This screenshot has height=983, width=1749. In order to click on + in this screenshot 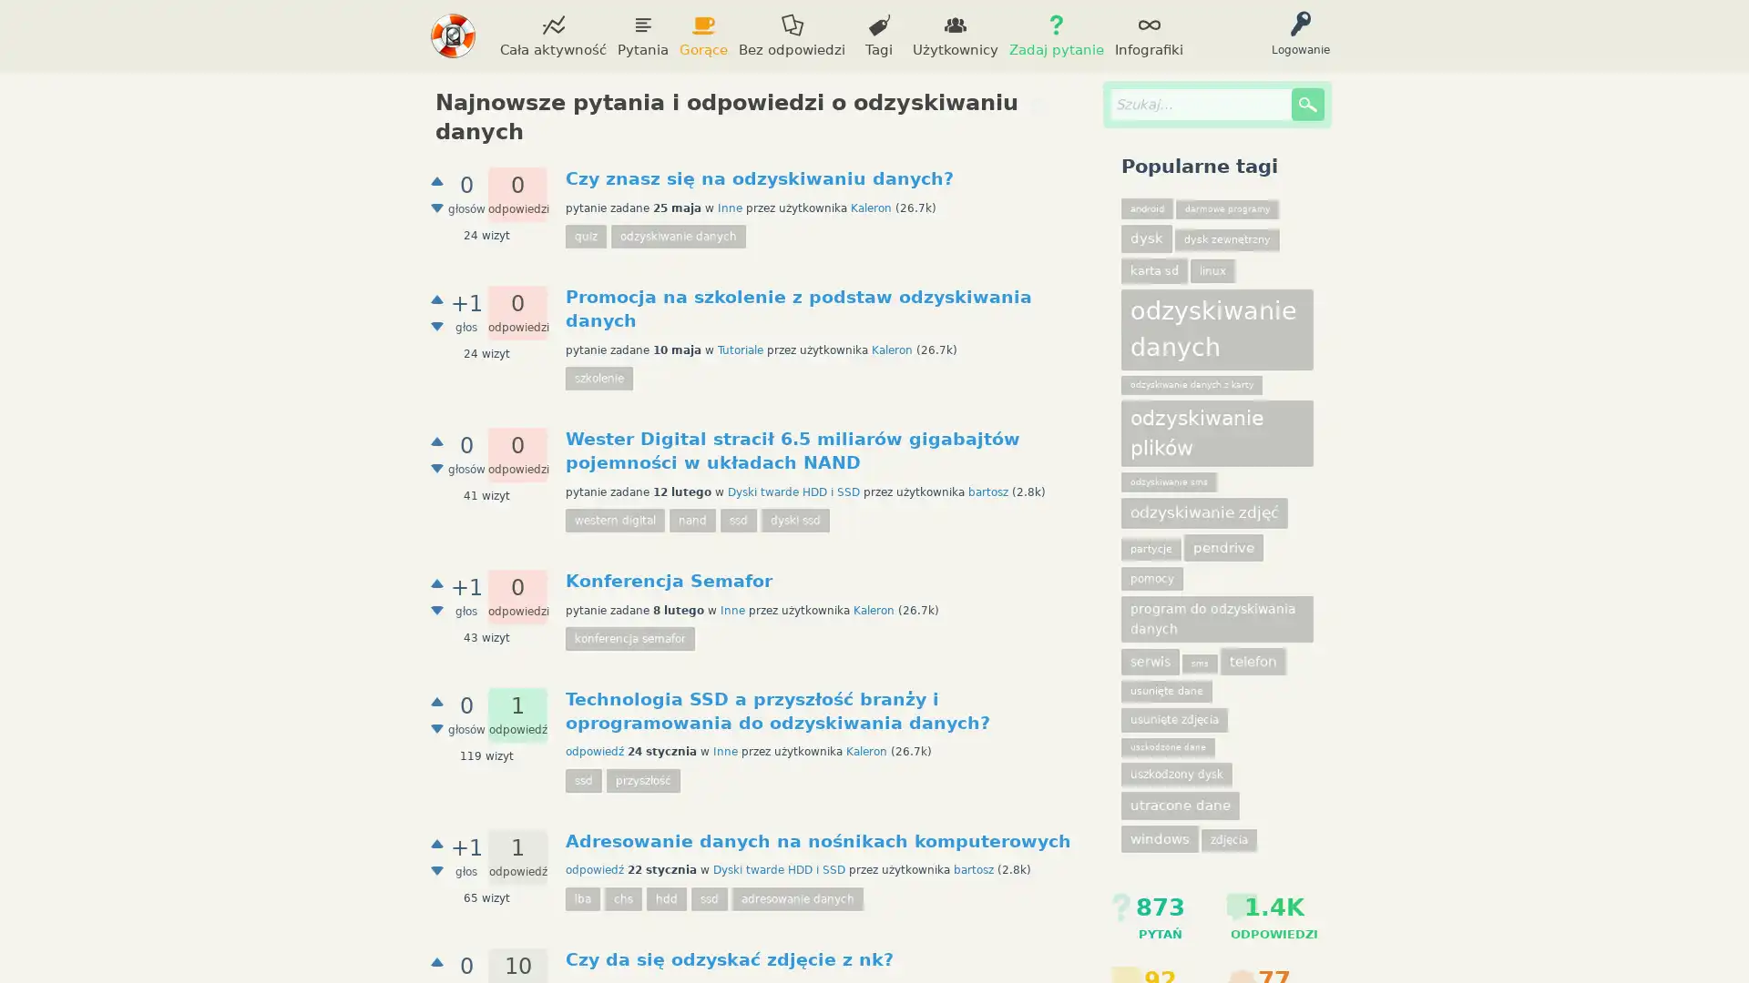, I will do `click(437, 960)`.